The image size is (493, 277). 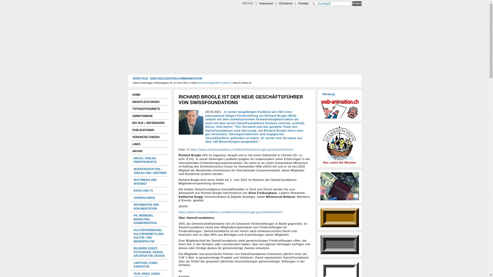 What do you see at coordinates (149, 130) in the screenshot?
I see `'PUBLIKATIONEN'` at bounding box center [149, 130].